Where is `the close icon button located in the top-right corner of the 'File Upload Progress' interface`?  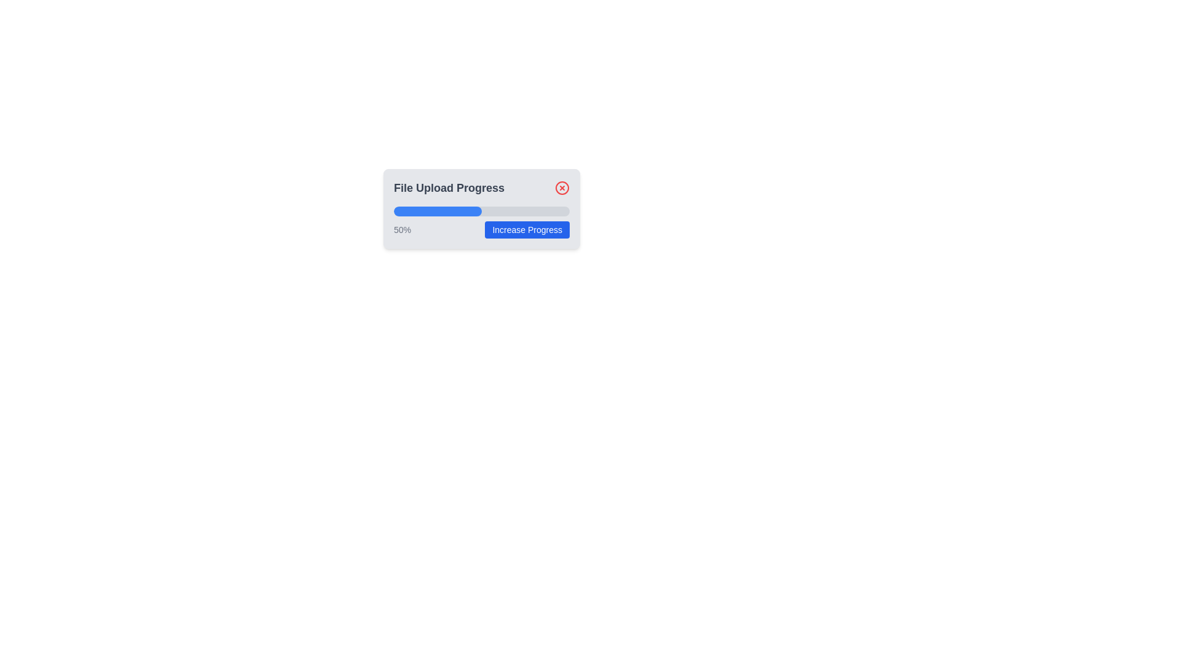
the close icon button located in the top-right corner of the 'File Upload Progress' interface is located at coordinates (562, 188).